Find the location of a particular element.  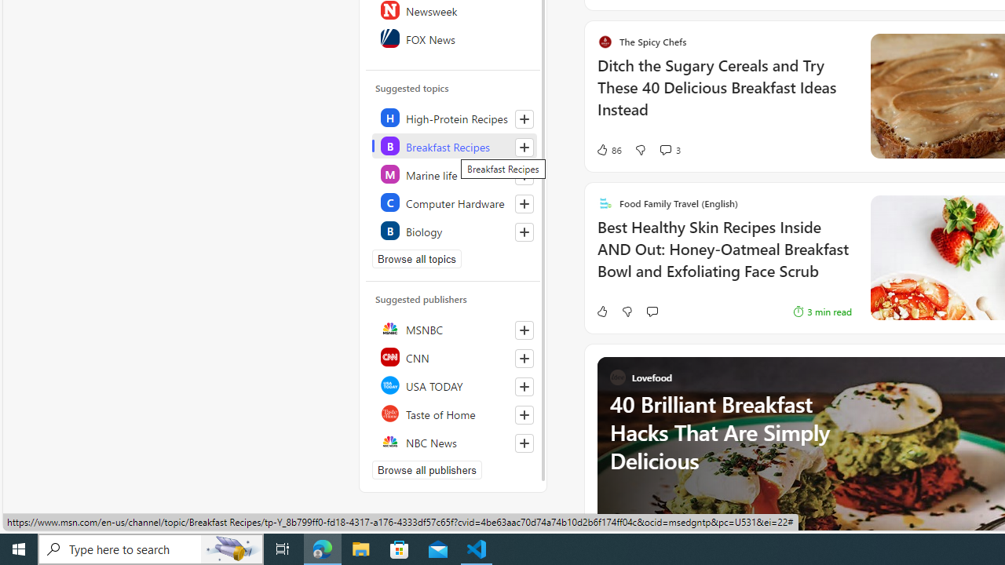

'CNN' is located at coordinates (453, 357).